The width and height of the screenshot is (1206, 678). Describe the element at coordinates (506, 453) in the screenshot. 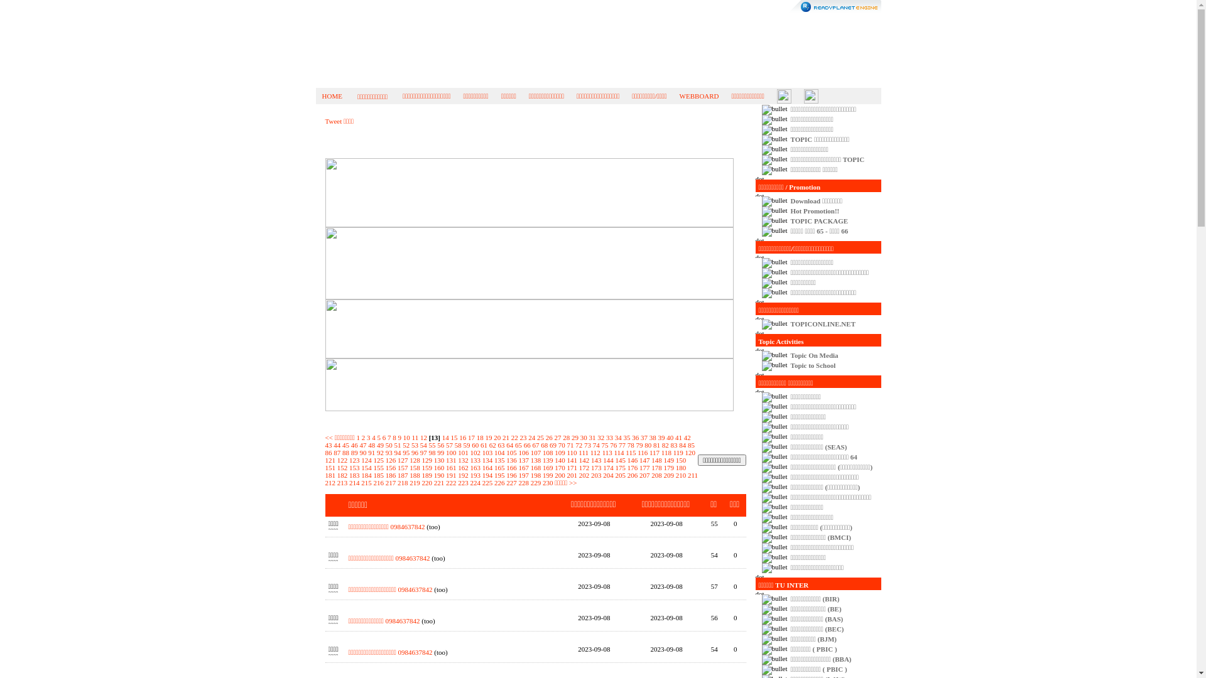

I see `'105'` at that location.